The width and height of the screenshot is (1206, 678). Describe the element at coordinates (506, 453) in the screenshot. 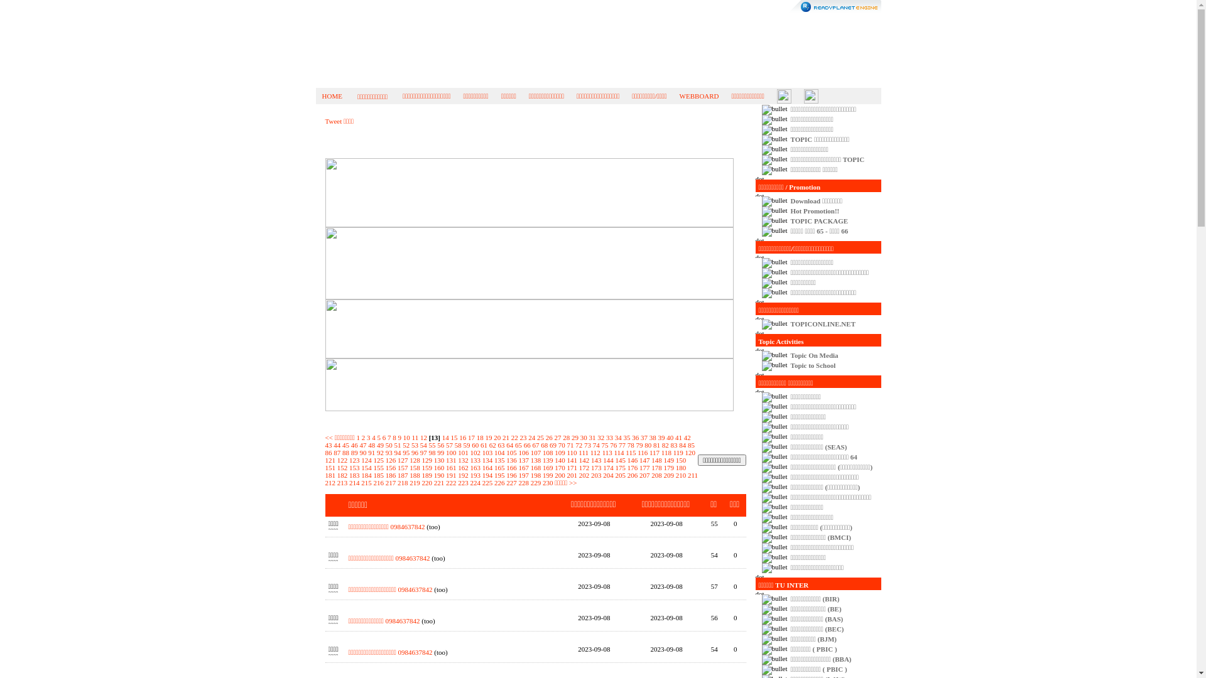

I see `'105'` at that location.